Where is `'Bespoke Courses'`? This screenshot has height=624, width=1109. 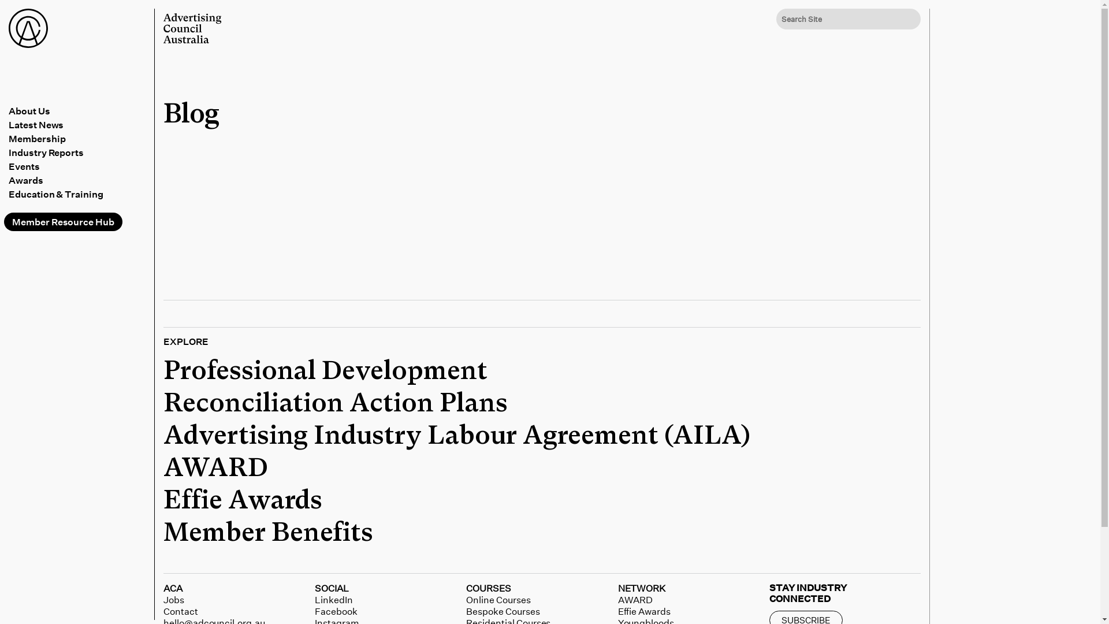 'Bespoke Courses' is located at coordinates (466, 610).